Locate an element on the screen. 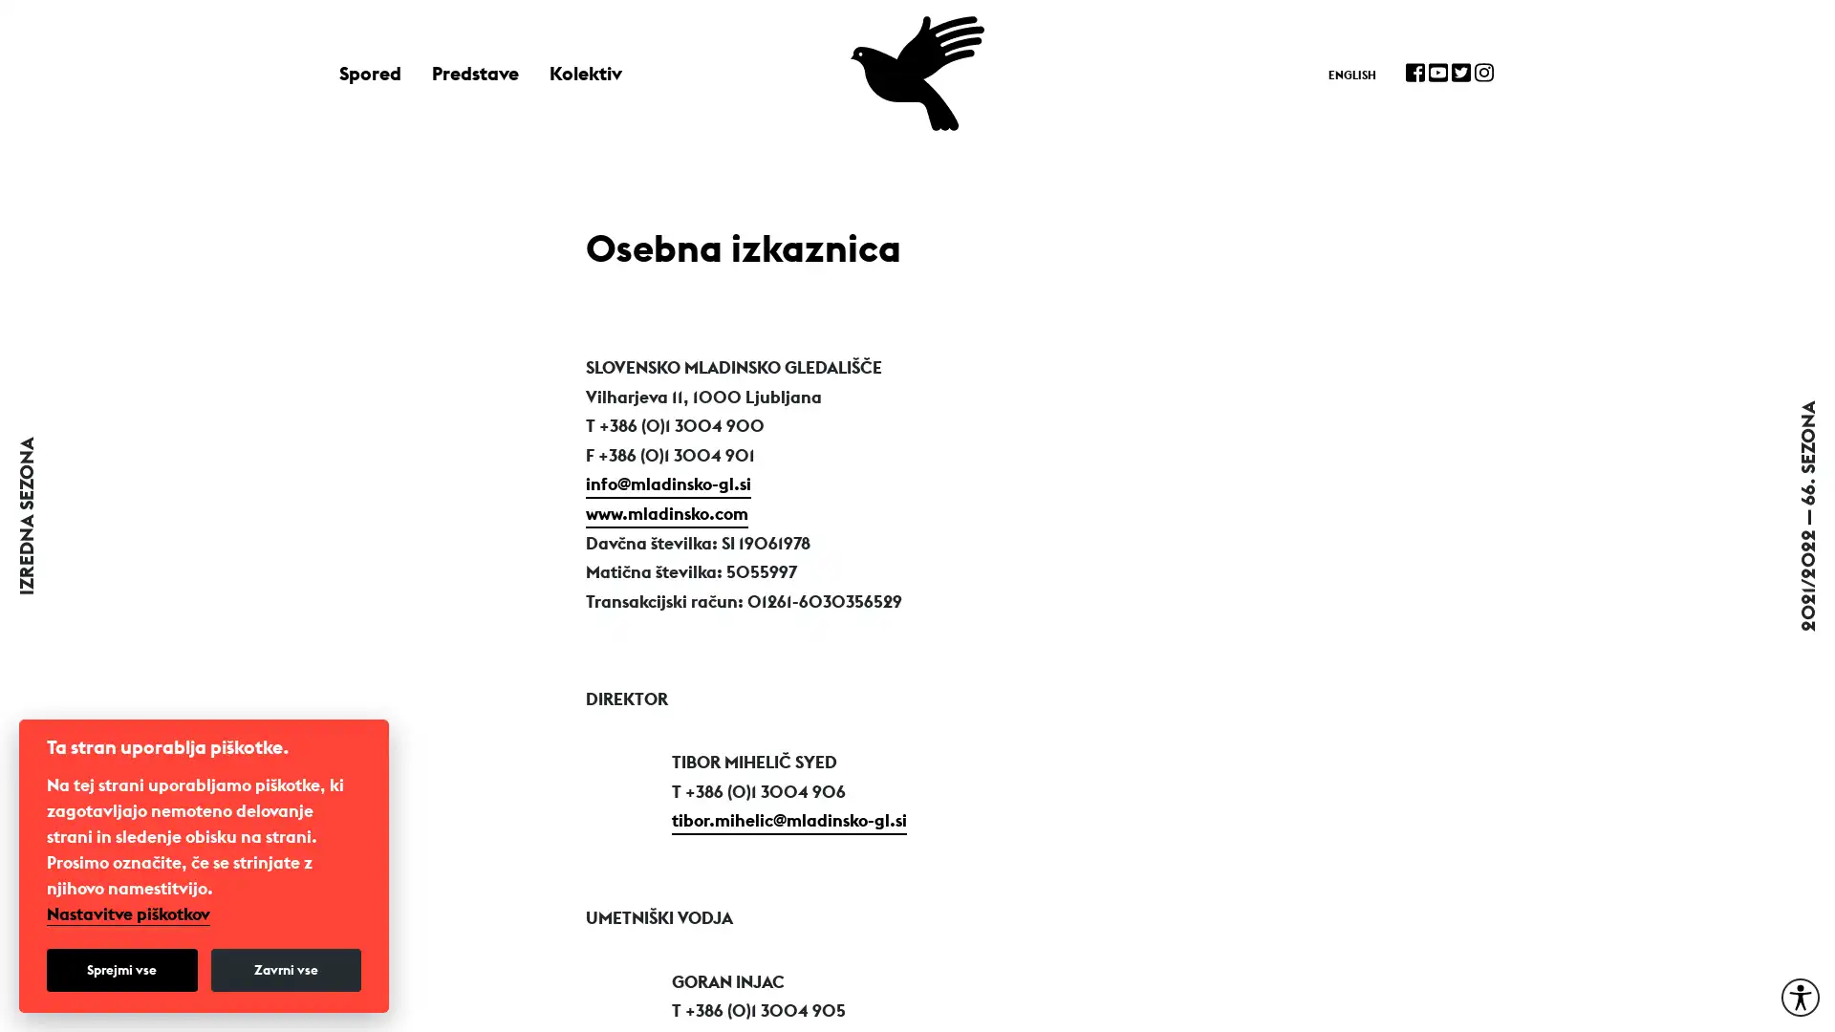  Sprejmi vse is located at coordinates (119, 969).